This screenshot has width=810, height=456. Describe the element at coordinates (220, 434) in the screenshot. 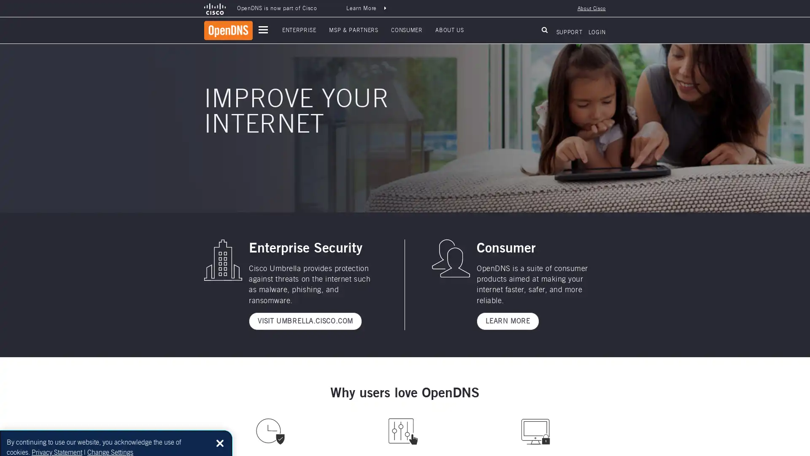

I see `Close` at that location.